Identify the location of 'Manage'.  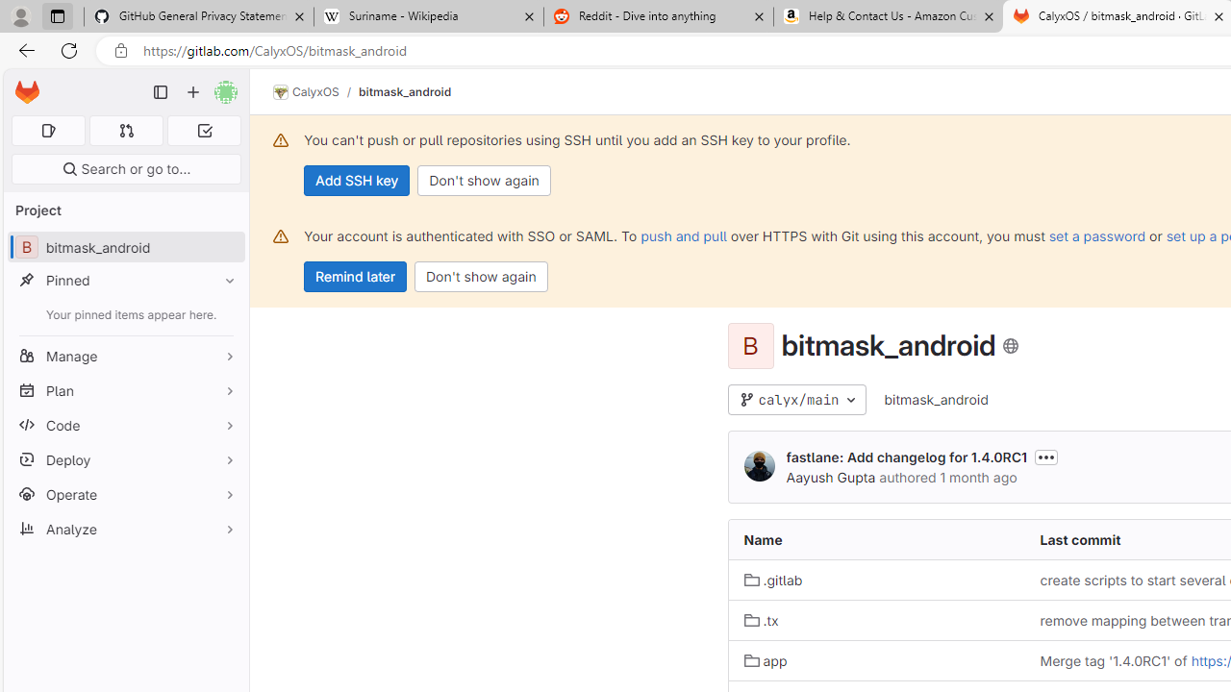
(125, 356).